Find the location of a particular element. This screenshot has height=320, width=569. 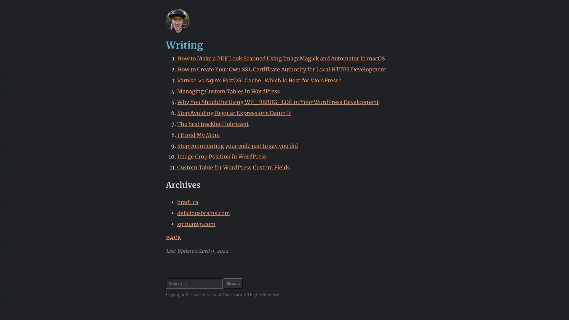

Search is located at coordinates (233, 283).